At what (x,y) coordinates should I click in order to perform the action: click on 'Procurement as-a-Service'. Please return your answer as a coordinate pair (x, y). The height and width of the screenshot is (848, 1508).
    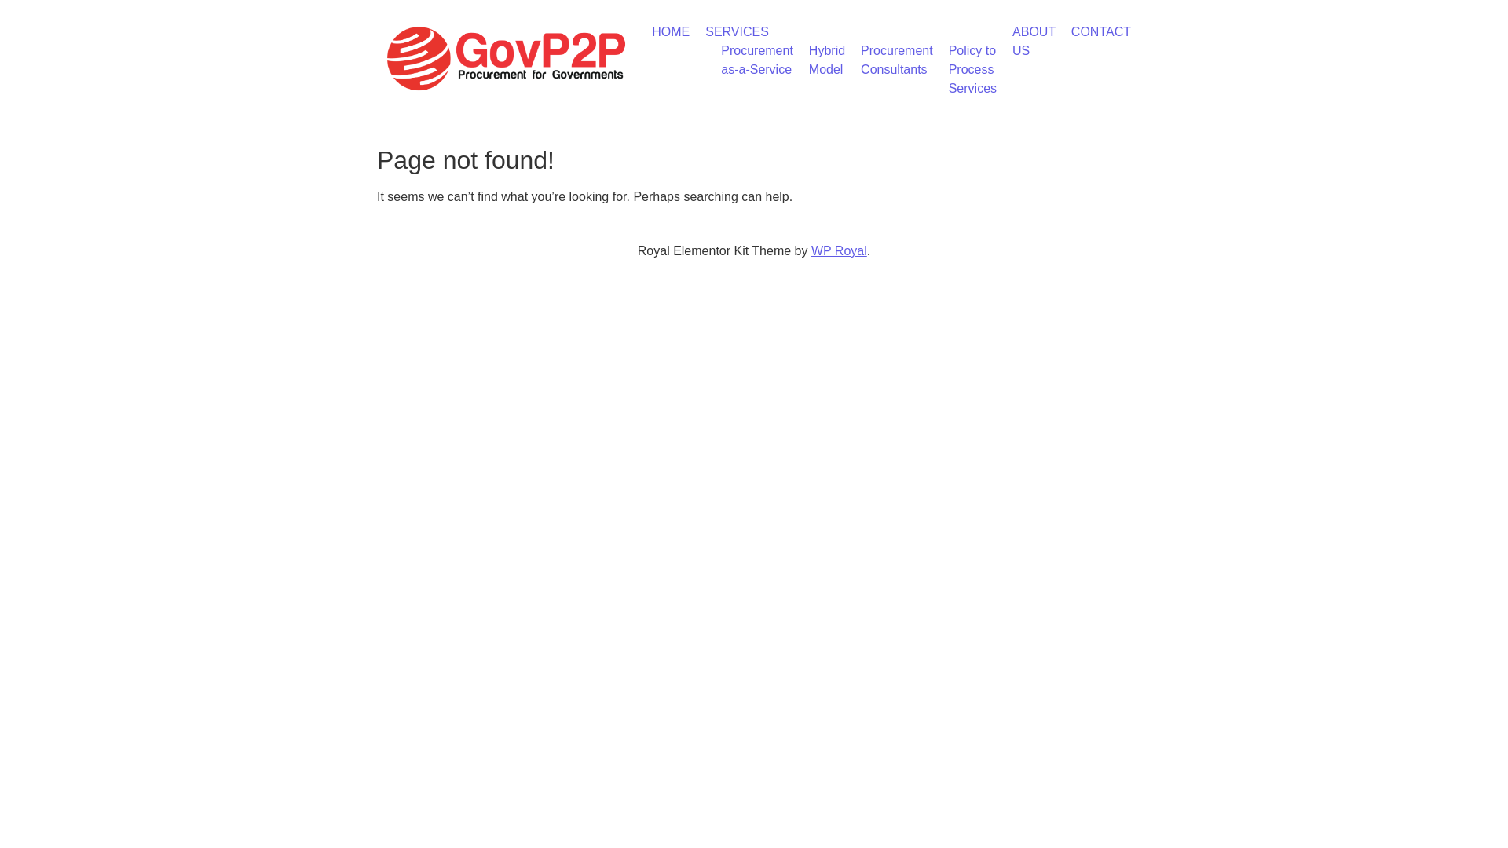
    Looking at the image, I should click on (719, 59).